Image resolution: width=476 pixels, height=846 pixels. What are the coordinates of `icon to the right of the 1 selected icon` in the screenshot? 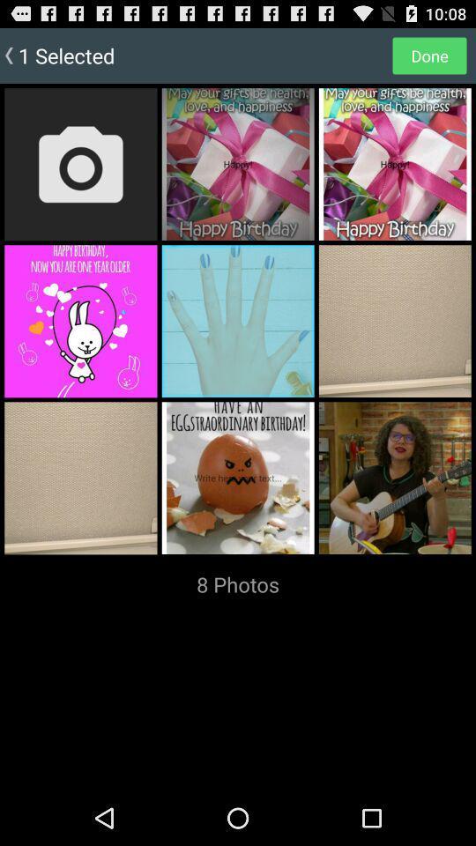 It's located at (428, 55).